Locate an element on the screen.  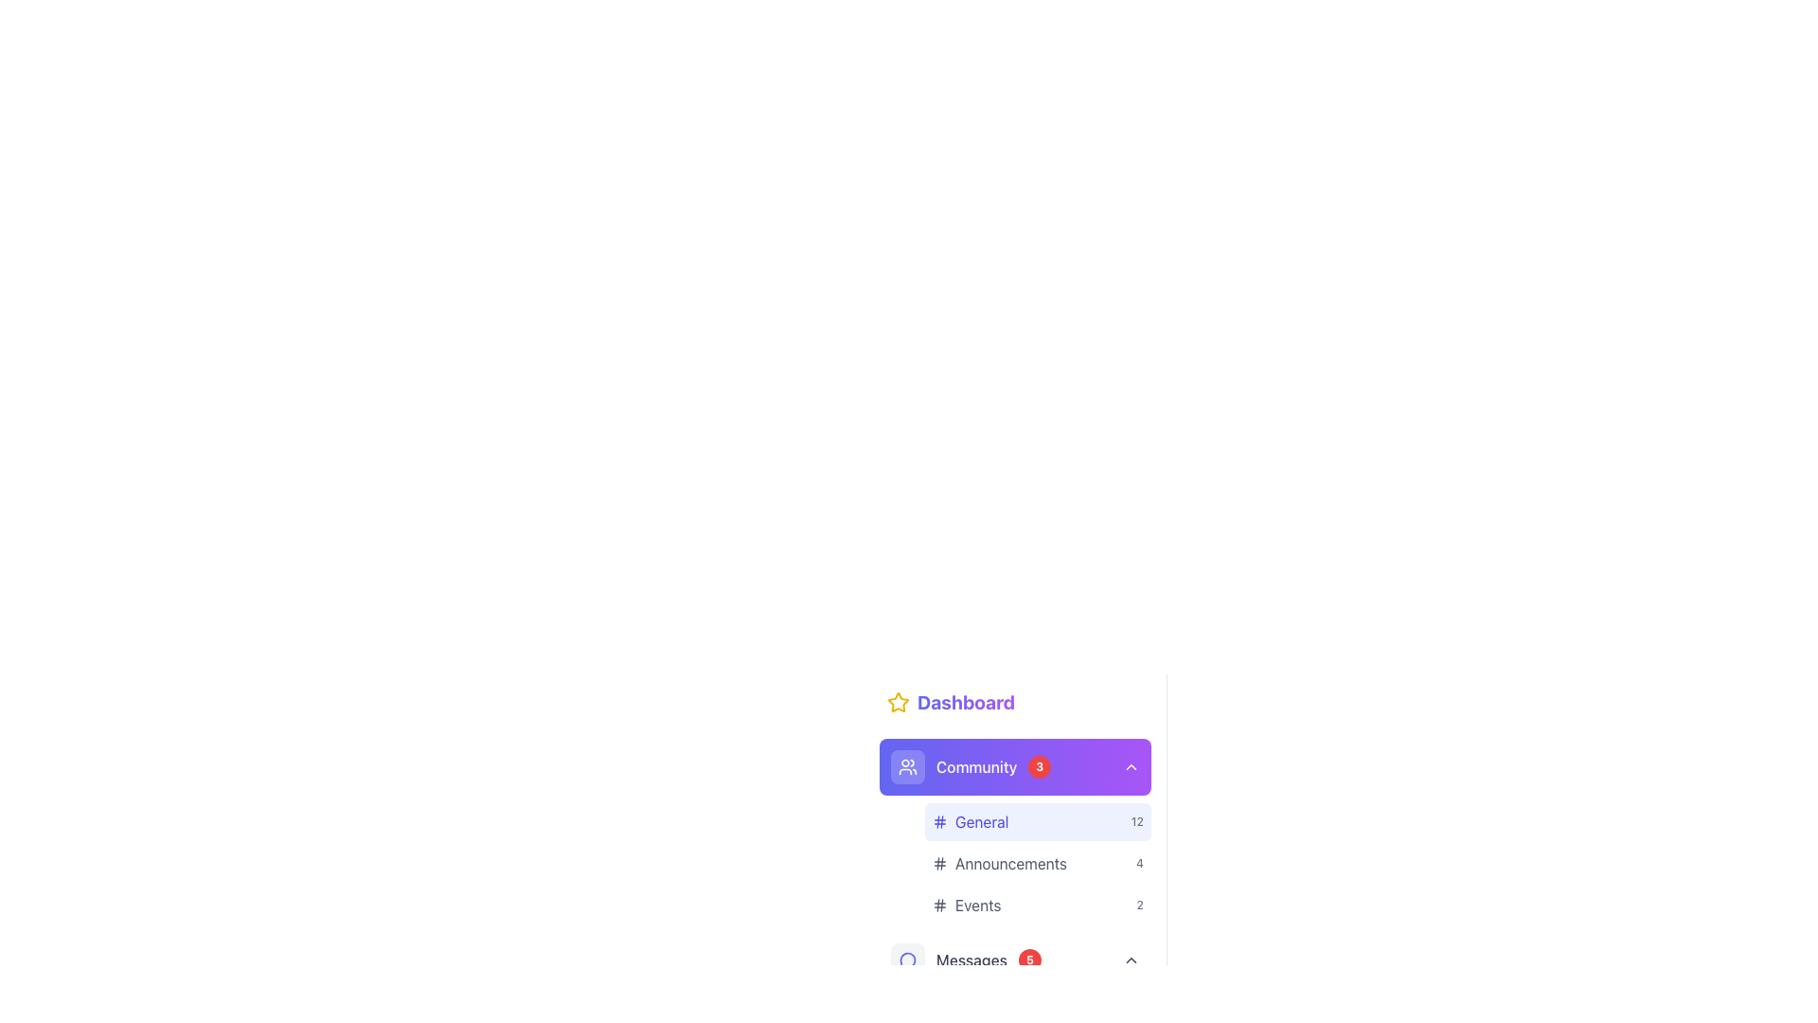
the 'Announcements' button in the Community list is located at coordinates (1037, 863).